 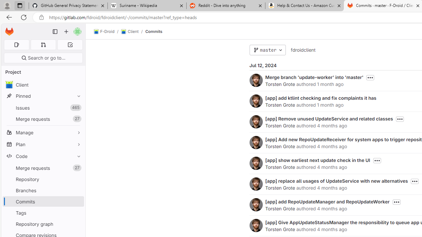 What do you see at coordinates (329, 118) in the screenshot?
I see `'[app] Remove unused UpdateService and related classes'` at bounding box center [329, 118].